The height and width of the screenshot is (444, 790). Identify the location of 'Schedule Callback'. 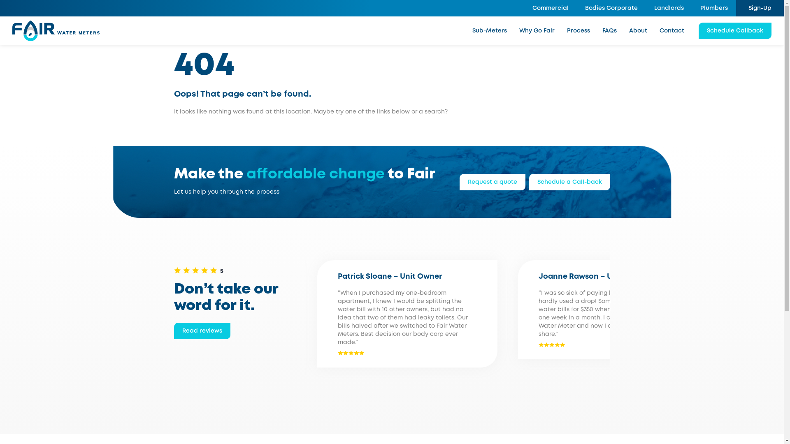
(735, 30).